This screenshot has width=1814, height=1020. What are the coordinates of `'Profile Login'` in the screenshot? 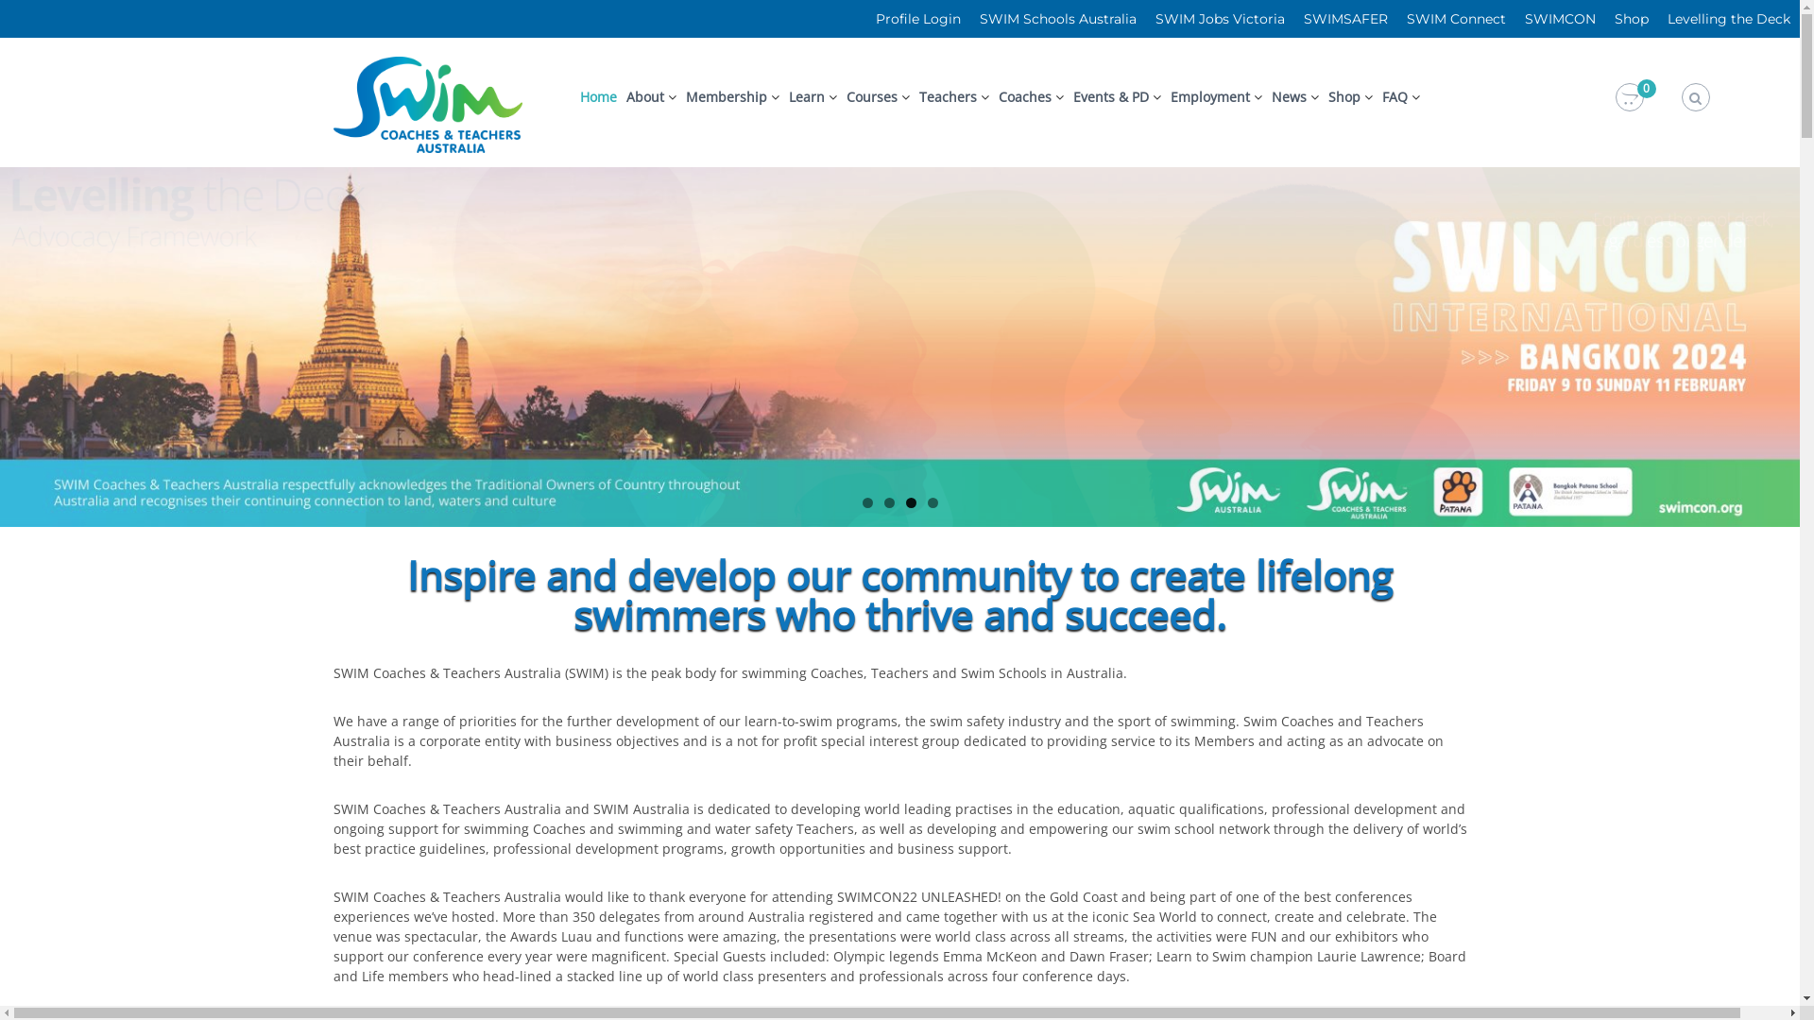 It's located at (917, 18).